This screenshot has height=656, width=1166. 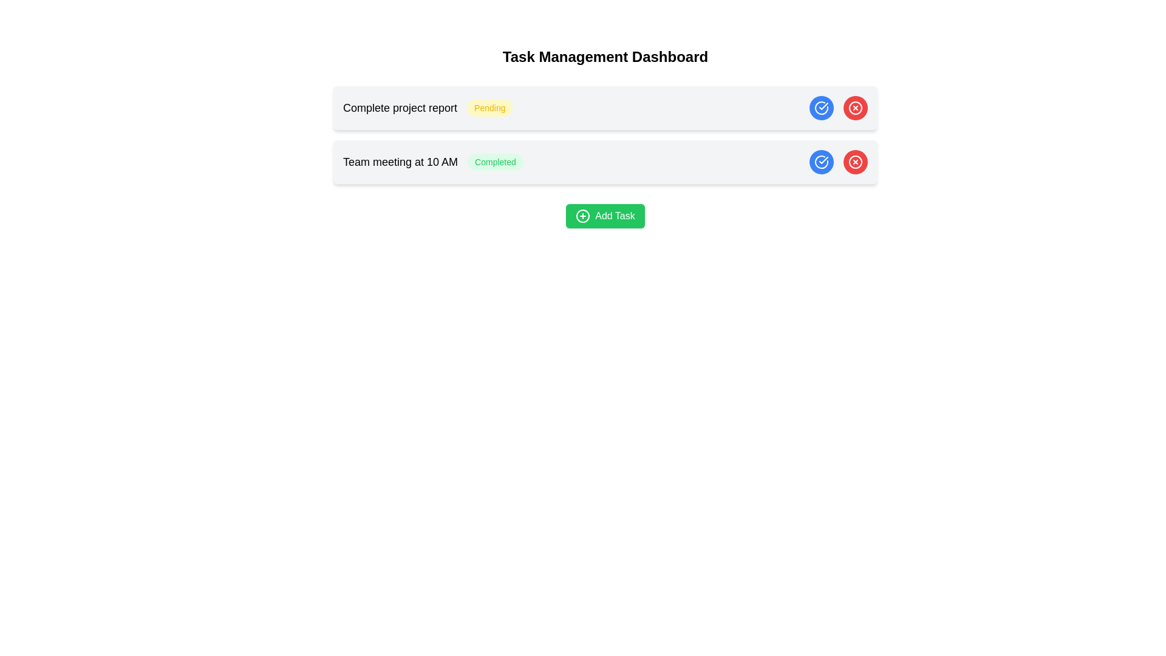 I want to click on the Status label element, which is a rounded rectangular badge with a light green background displaying 'Completed', located to the right of 'Team meeting at 10 AM' in the second row of the task list, so click(x=496, y=161).